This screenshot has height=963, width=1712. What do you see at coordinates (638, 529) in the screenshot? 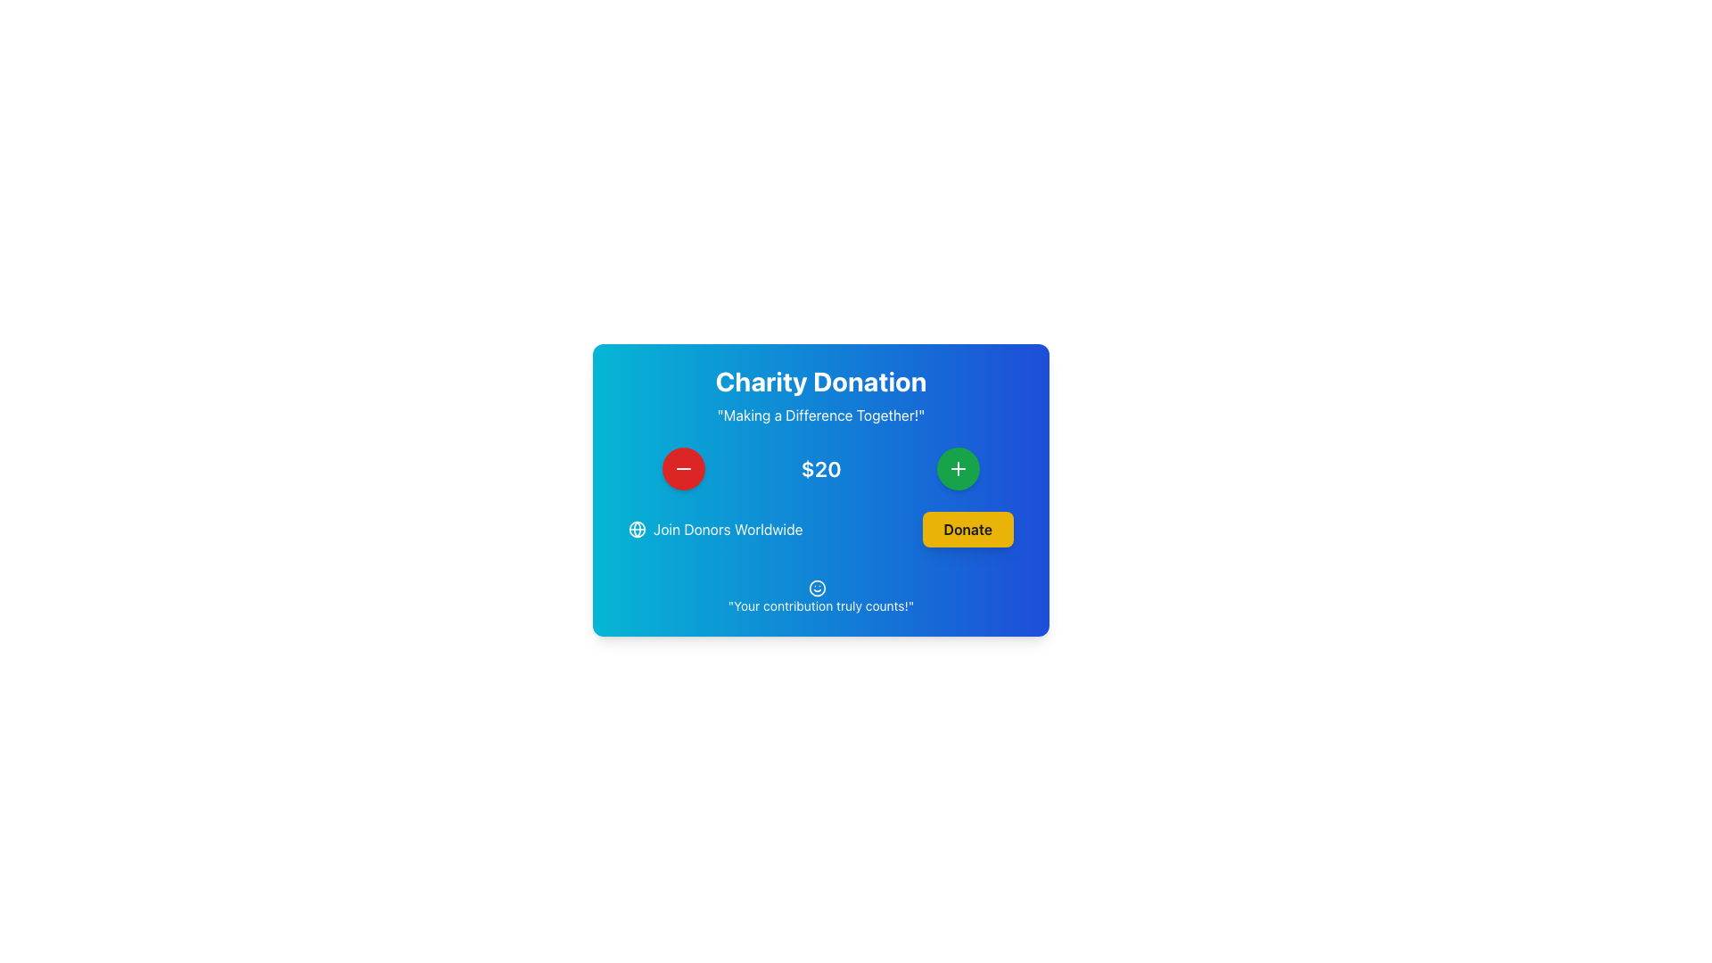
I see `the blue circular globe icon within the SVG graphic` at bounding box center [638, 529].